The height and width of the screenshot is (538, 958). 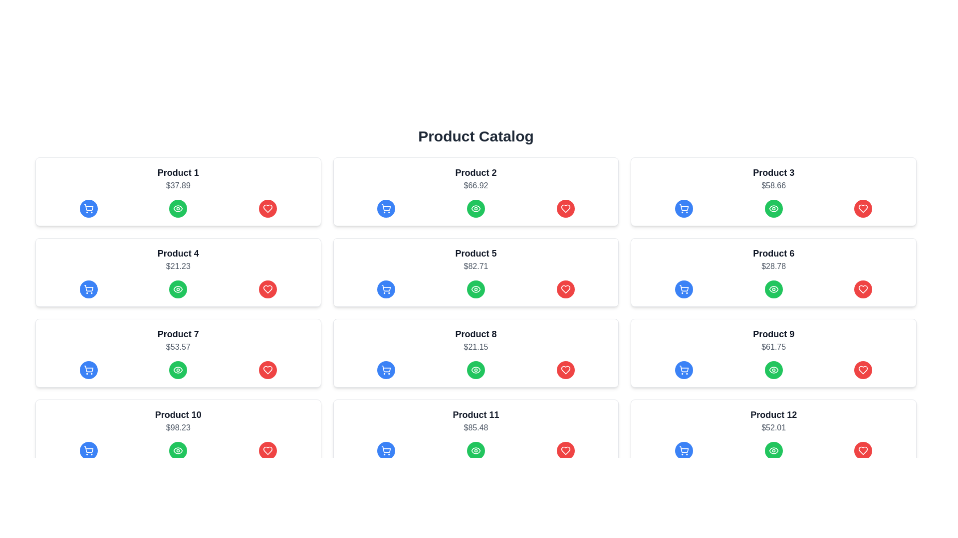 What do you see at coordinates (386, 288) in the screenshot?
I see `the shopping cart icon in the middle row of the card for 'Product 5'` at bounding box center [386, 288].